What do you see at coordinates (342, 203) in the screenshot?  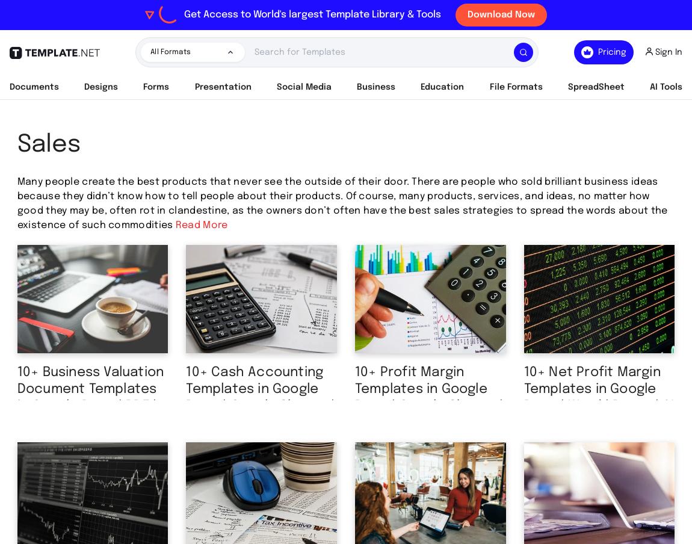 I see `'Many people create the best products that never see the outside of their door. There are people who sold brilliant business ideas because they didn’t know how to tell people about their products. Of course, many products, services, and ideas, no matter how good they may be, often rot in clandestine, as the owners don’t often have the best sales strategies to spread the words about the existence of such commodities'` at bounding box center [342, 203].